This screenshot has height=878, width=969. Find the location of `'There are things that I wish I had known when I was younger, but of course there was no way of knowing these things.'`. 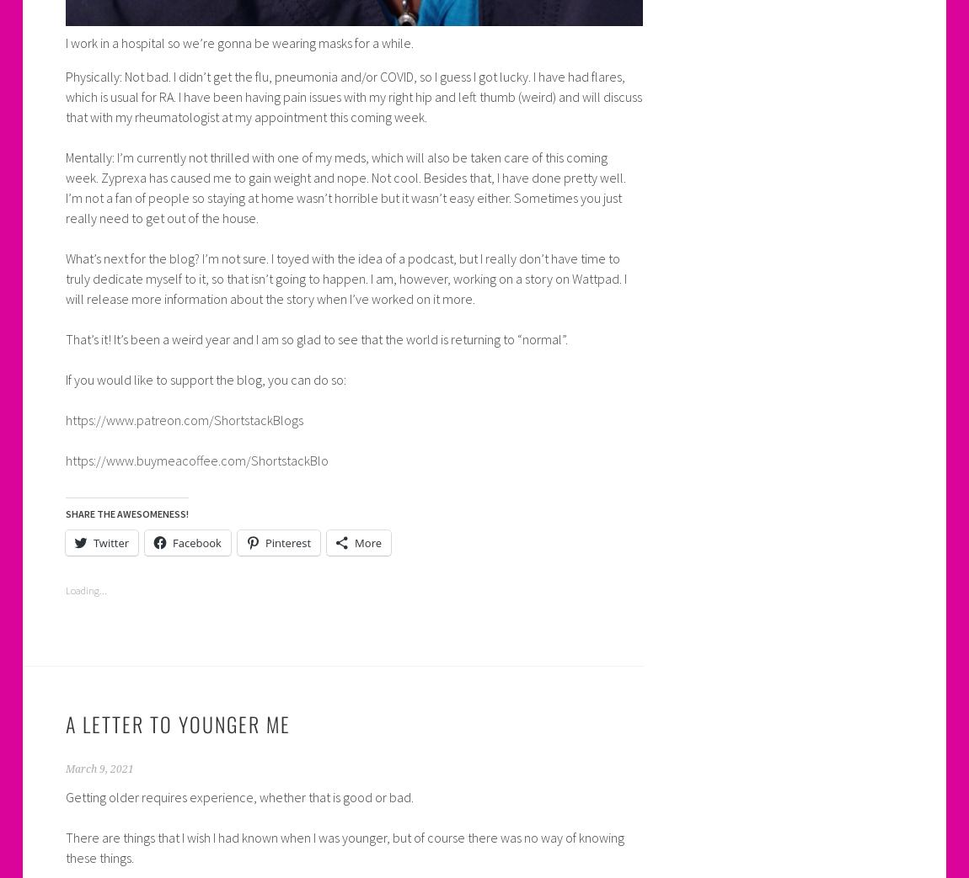

'There are things that I wish I had known when I was younger, but of course there was no way of knowing these things.' is located at coordinates (344, 848).